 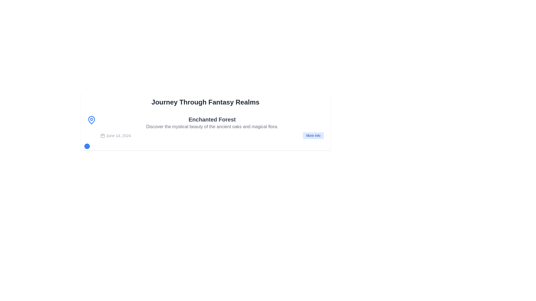 What do you see at coordinates (103, 135) in the screenshot?
I see `the calendar icon, which is a square with rounded corners, gray in color, located immediately to the left of the text 'June 14, 2024'` at bounding box center [103, 135].